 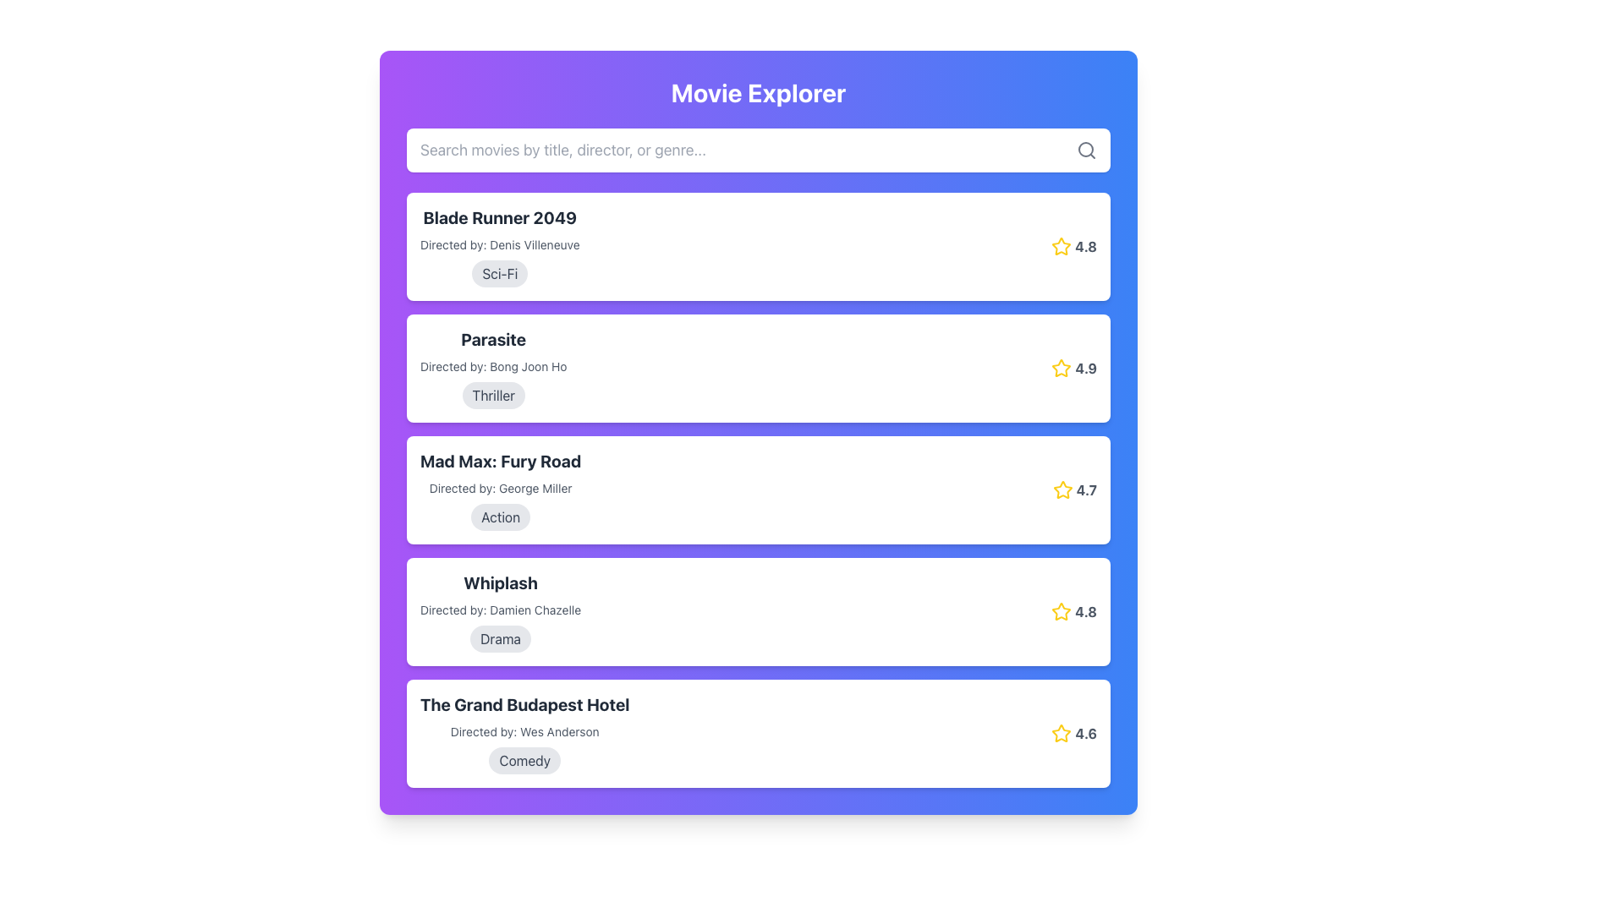 I want to click on the leftmost star-shaped icon that is yellow with a hollow center, located adjacent to the text '4.7', so click(x=1062, y=489).